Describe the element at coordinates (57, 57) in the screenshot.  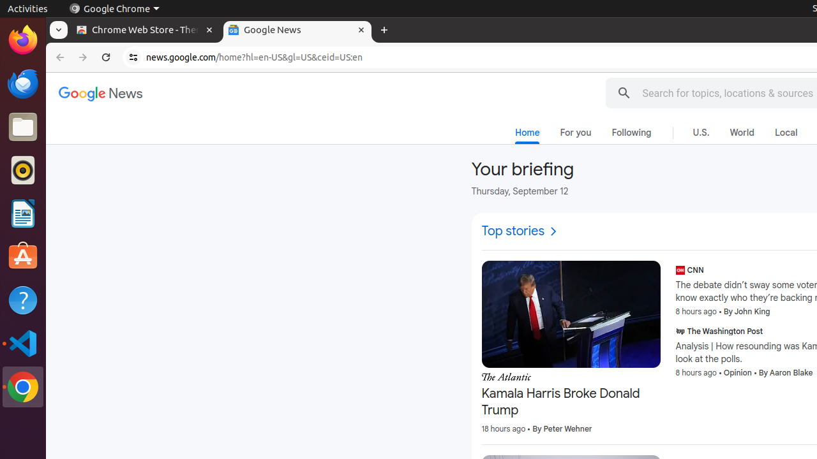
I see `'Back'` at that location.